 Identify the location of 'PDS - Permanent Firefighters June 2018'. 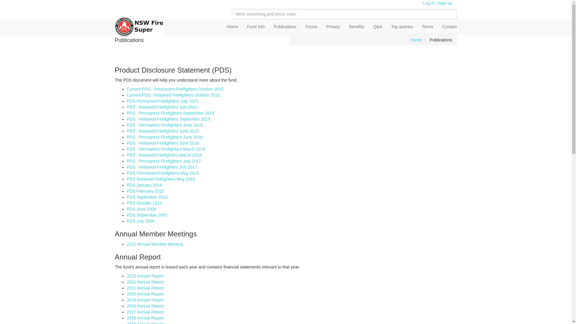
(164, 137).